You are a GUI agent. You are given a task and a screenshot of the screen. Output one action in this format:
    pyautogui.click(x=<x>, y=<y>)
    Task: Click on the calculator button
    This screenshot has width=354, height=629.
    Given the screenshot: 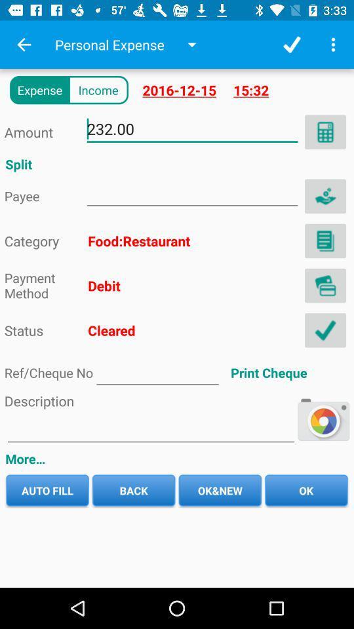 What is the action you would take?
    pyautogui.click(x=324, y=132)
    